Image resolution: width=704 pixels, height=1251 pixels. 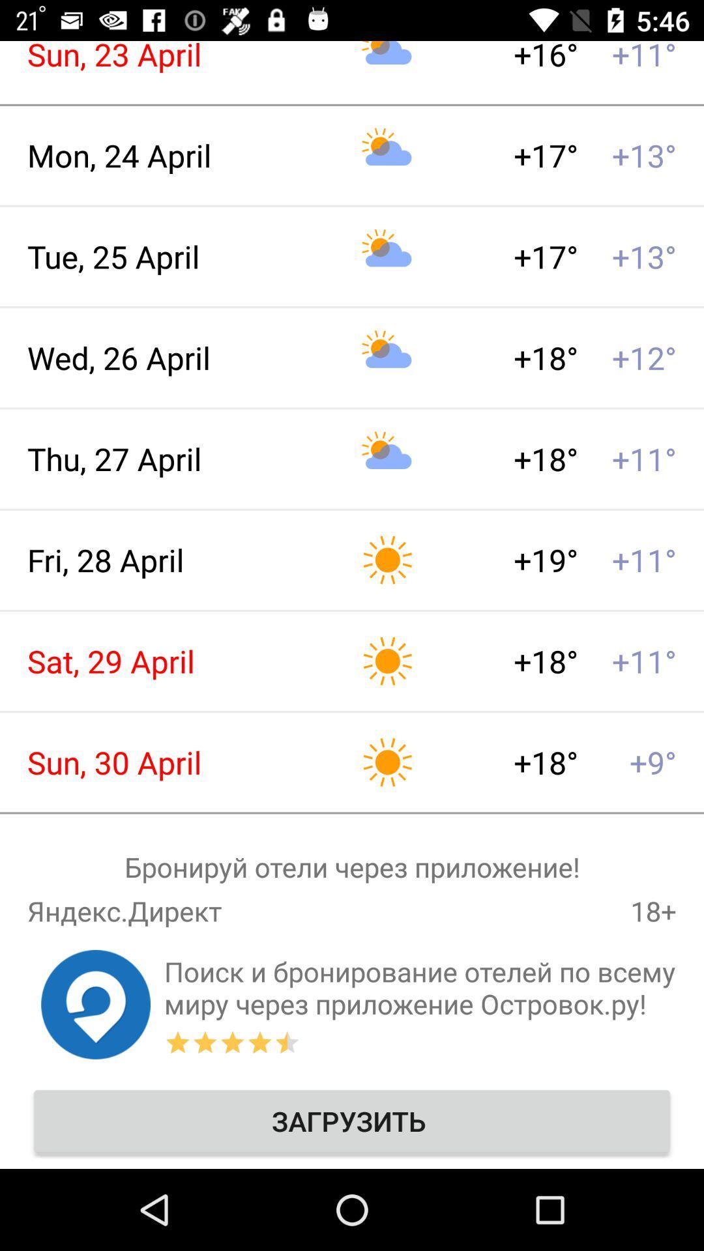 I want to click on right of second last row, so click(x=420, y=988).